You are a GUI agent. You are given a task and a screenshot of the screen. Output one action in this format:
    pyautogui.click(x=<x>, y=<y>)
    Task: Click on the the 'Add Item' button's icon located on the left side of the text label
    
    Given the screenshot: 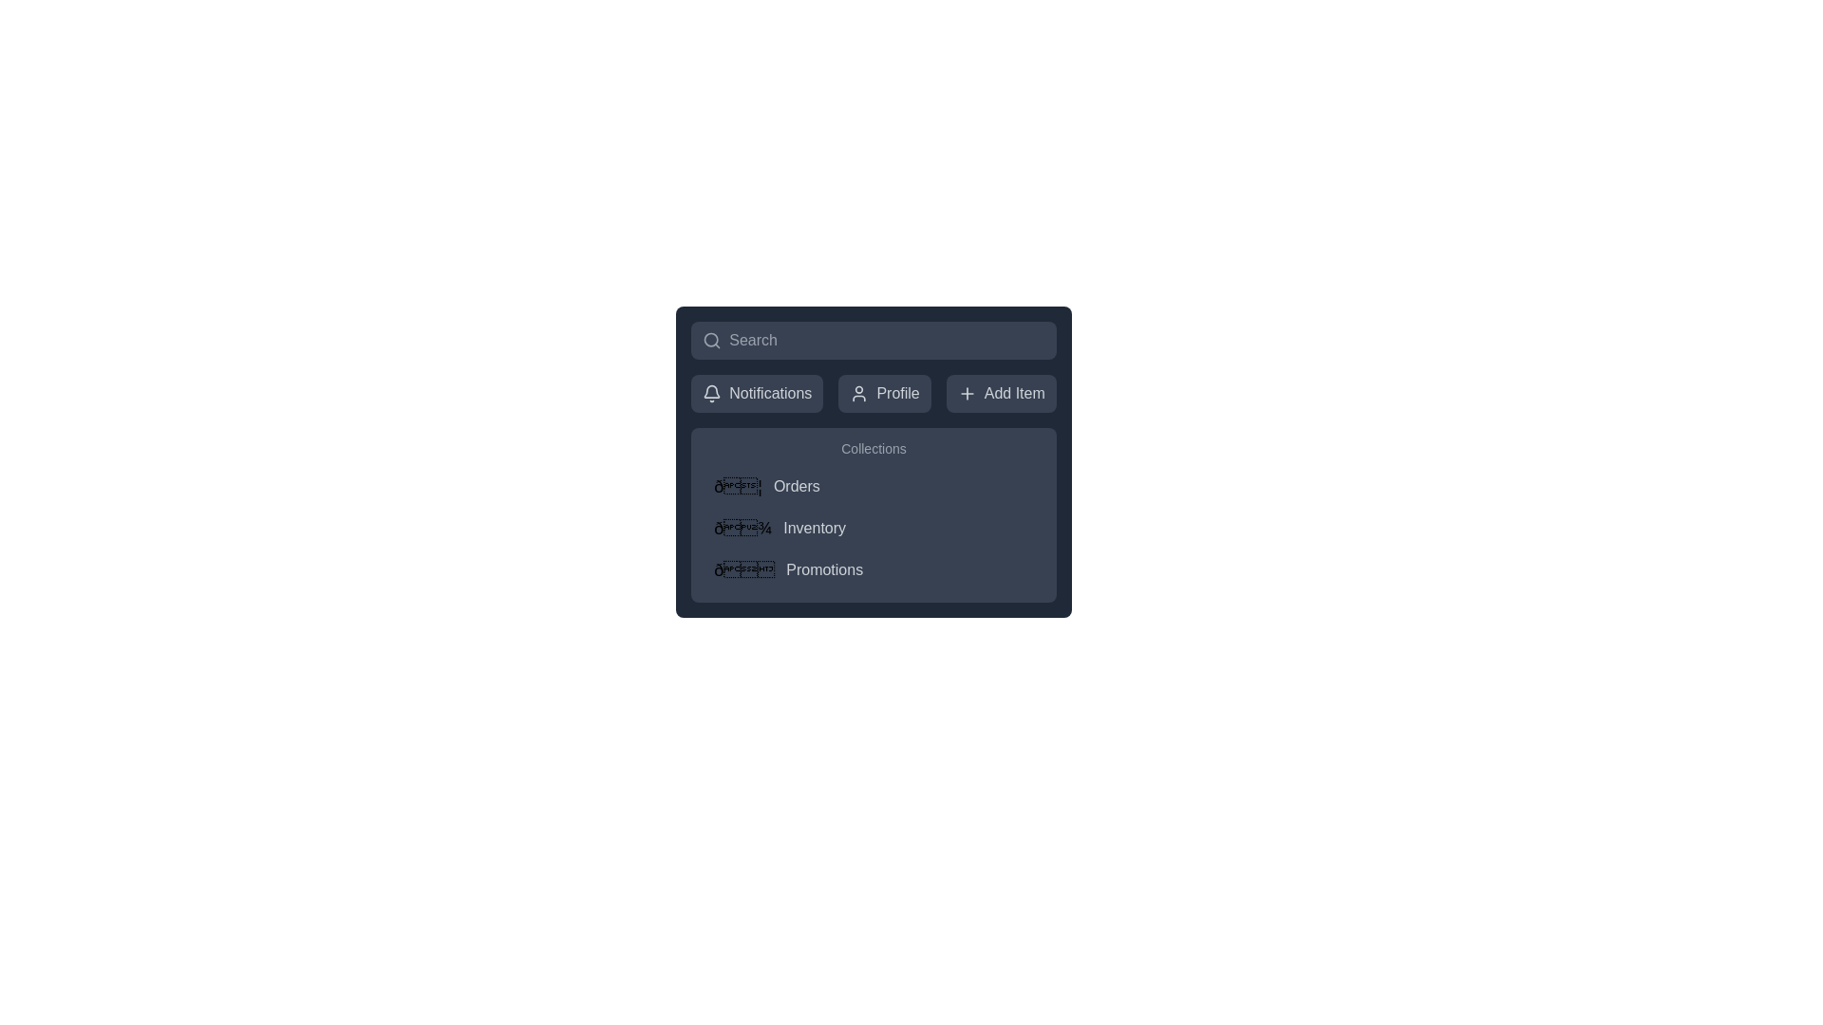 What is the action you would take?
    pyautogui.click(x=967, y=393)
    